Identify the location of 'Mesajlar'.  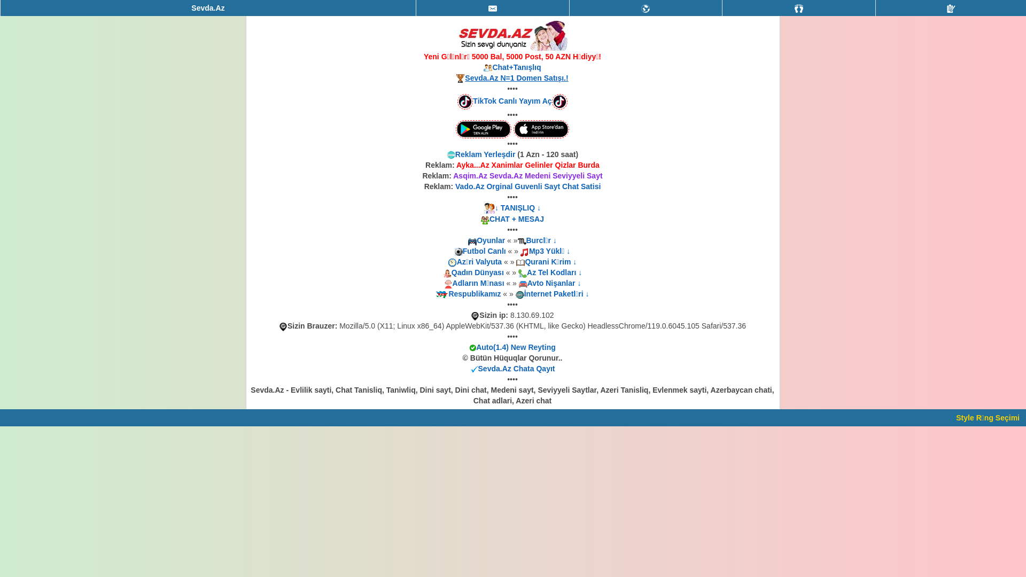
(492, 8).